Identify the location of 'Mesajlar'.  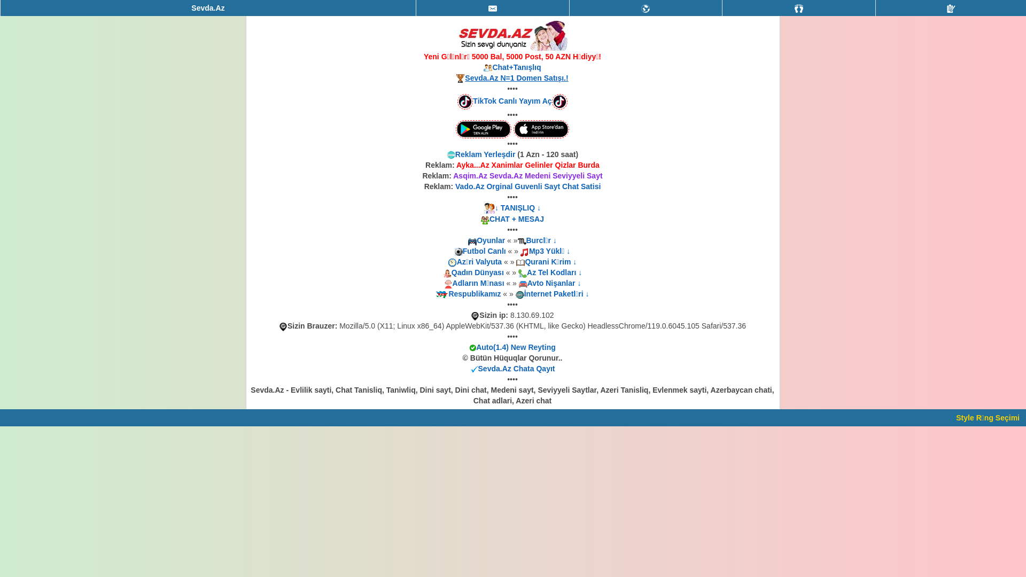
(492, 8).